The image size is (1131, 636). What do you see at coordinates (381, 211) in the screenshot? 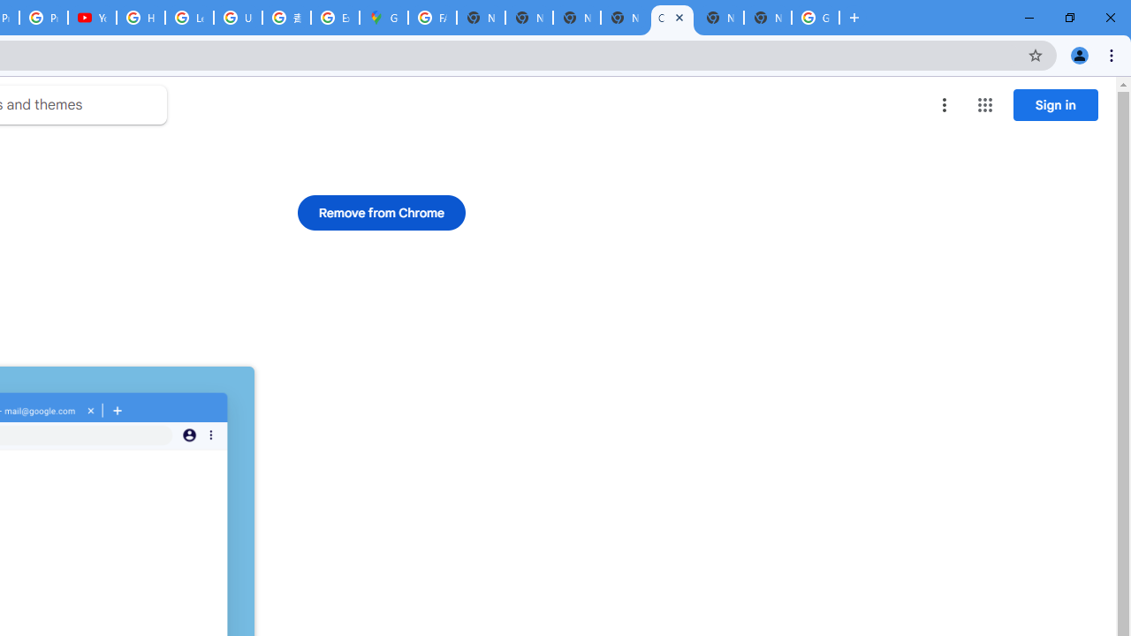
I see `'Remove from Chrome'` at bounding box center [381, 211].